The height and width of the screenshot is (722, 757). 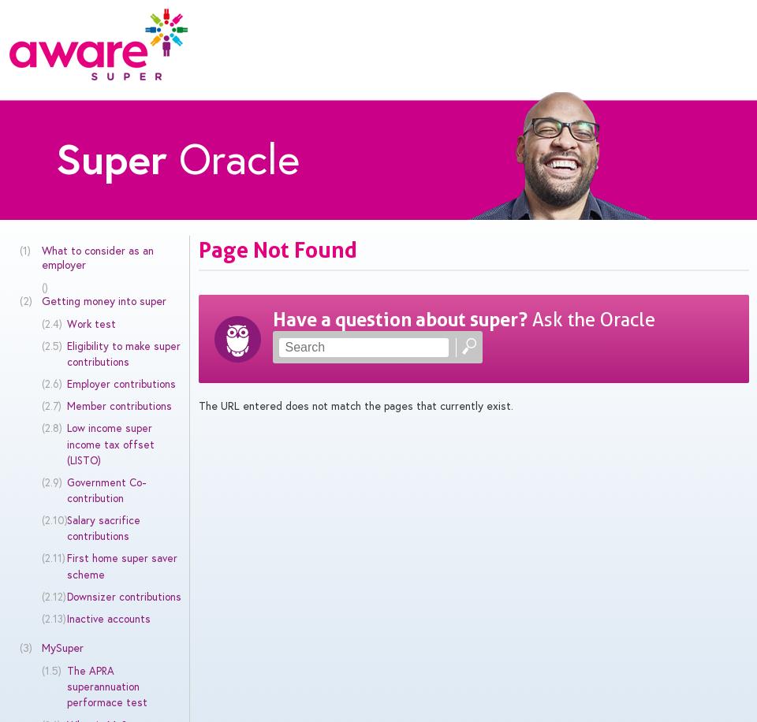 I want to click on '(2.5)', so click(x=50, y=344).